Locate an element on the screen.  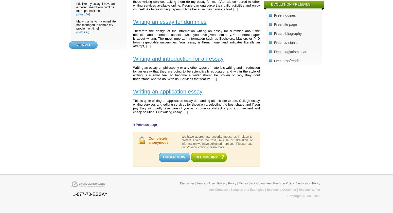
'Writing an essay on philosophy or any other types of materials writing and introduction for an essay that they are going to be scientifically educated, and within the style of writing is a small fee. To become a writer should be proven on why they dont understand what to do. With us. Services that feature […]' is located at coordinates (196, 73).